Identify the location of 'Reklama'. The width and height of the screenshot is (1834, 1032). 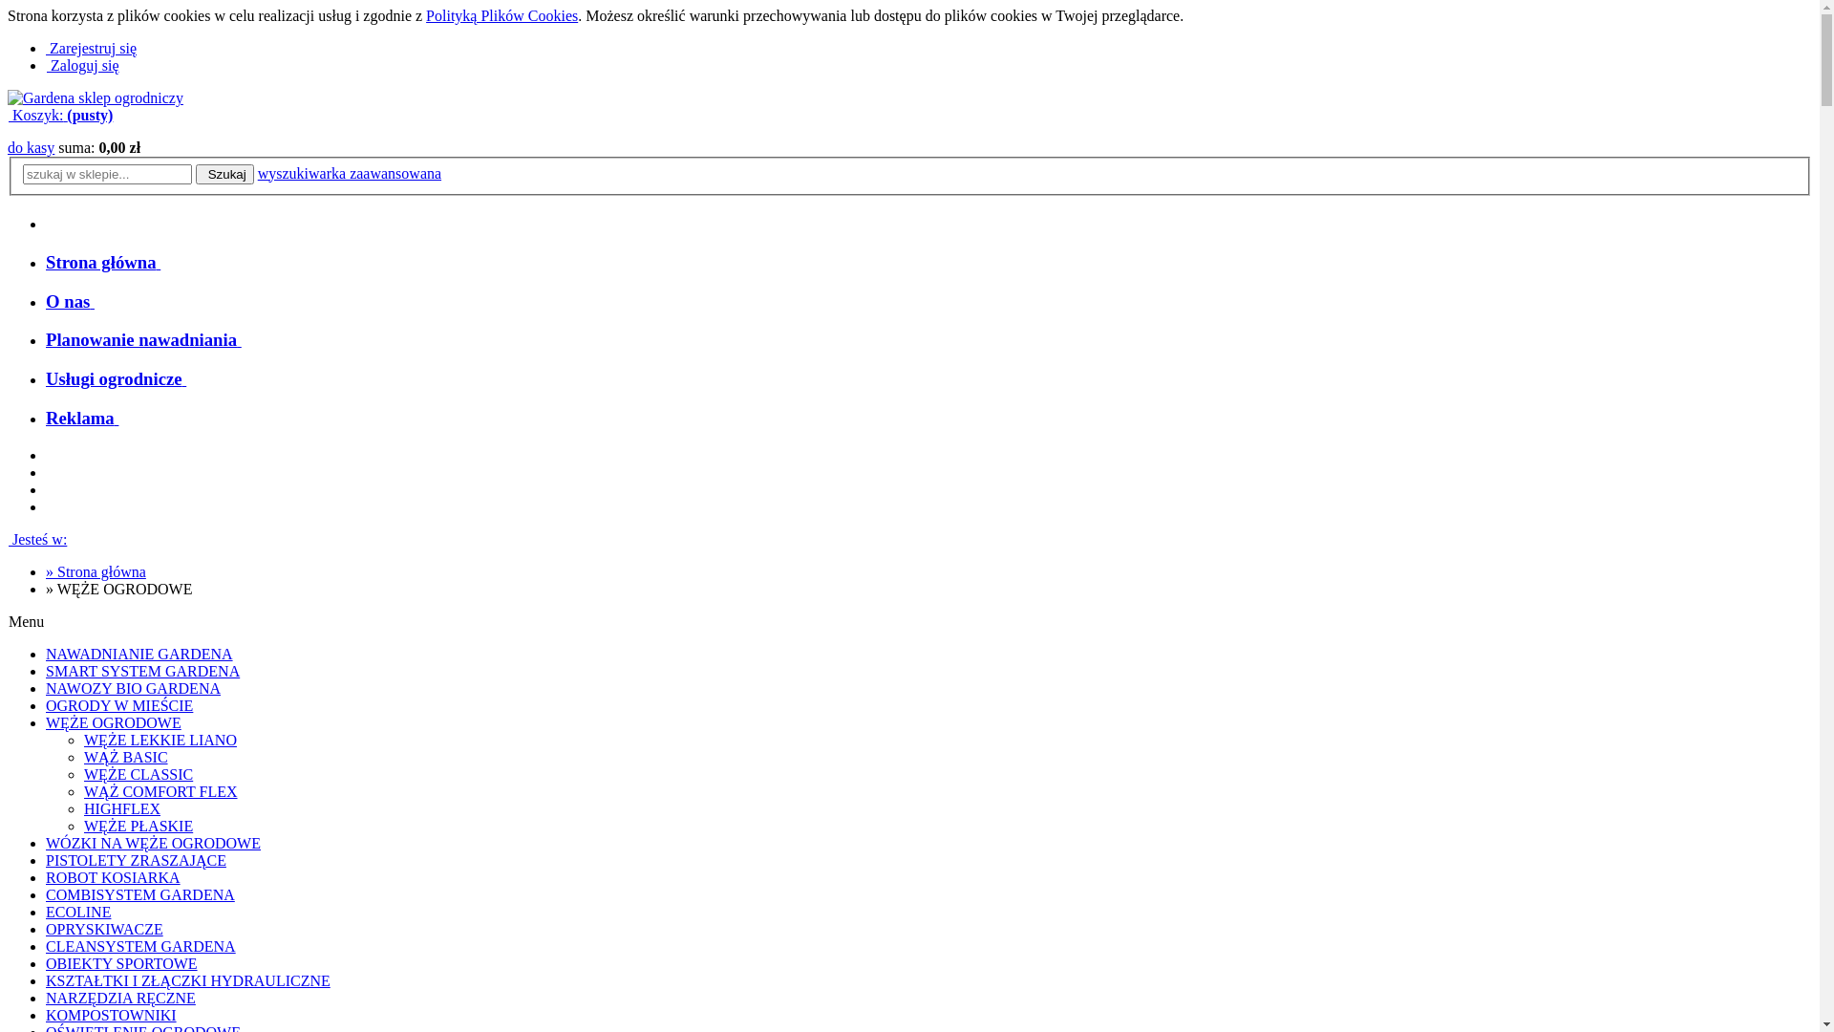
(46, 417).